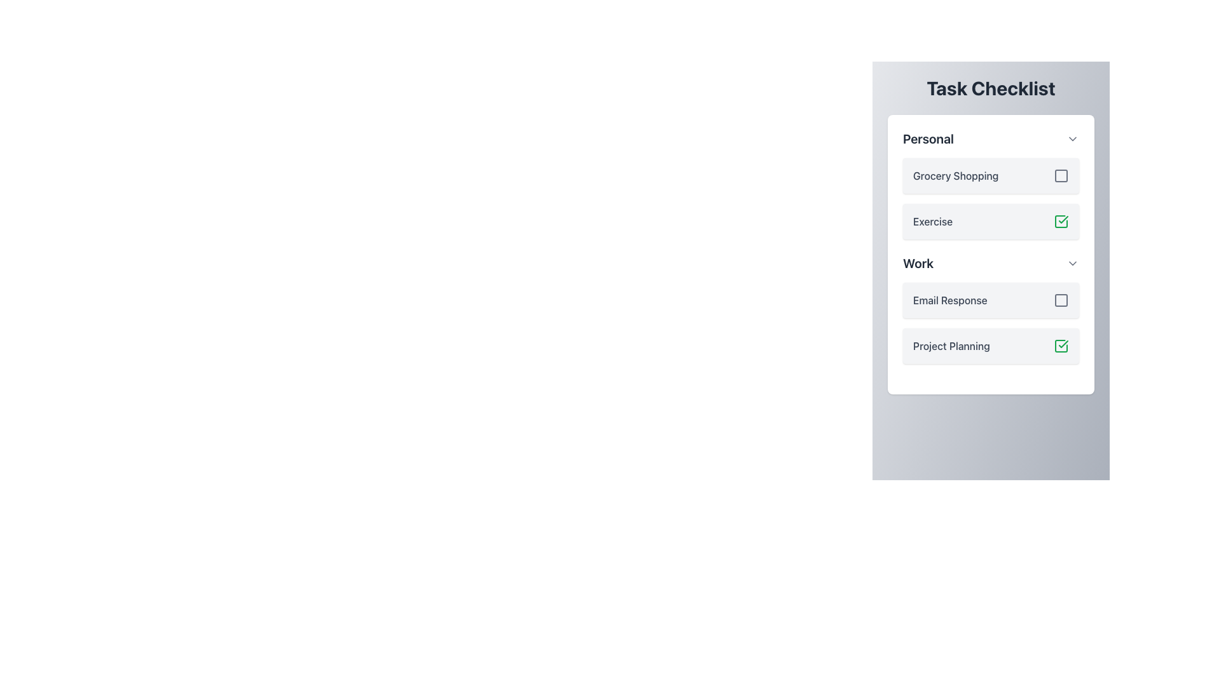 The width and height of the screenshot is (1221, 686). I want to click on the checkbox located on the far-right side of the 'Project Planning' row in the checklist, so click(1061, 346).